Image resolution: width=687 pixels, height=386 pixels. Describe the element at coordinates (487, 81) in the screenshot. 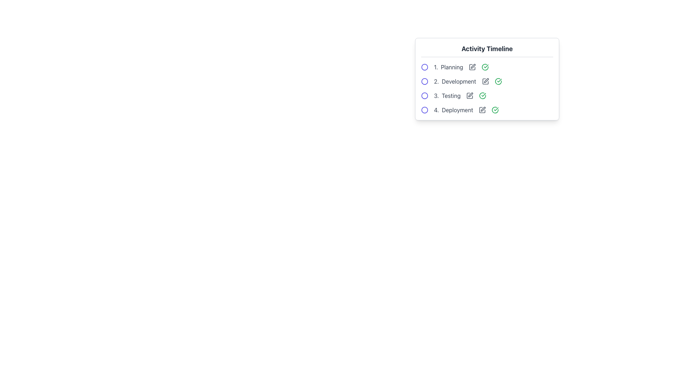

I see `the second list item in the 'Activity Timeline' component that provides information about the '2. Development' step` at that location.